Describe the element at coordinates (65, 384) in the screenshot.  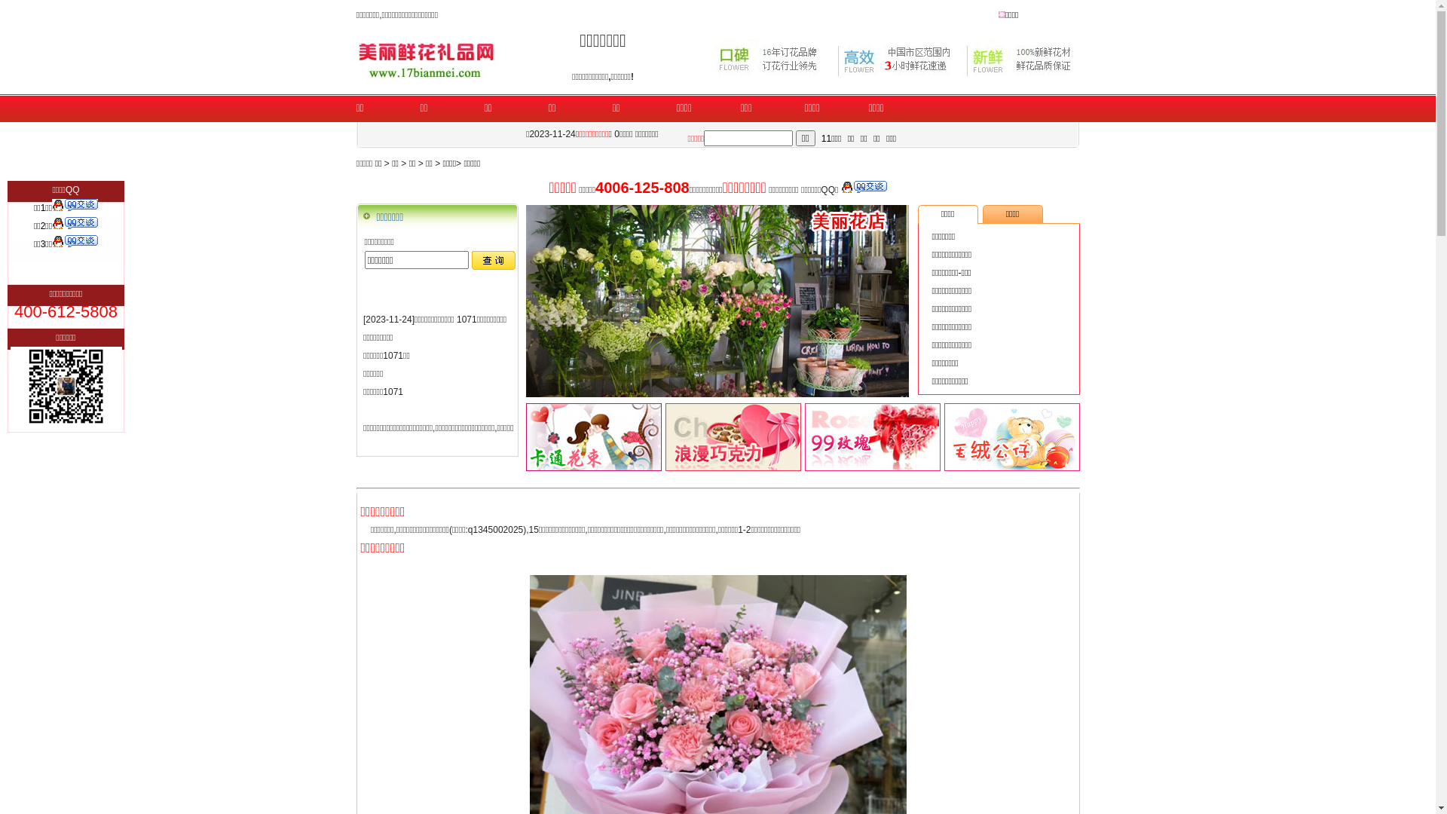
I see `'554243866'` at that location.